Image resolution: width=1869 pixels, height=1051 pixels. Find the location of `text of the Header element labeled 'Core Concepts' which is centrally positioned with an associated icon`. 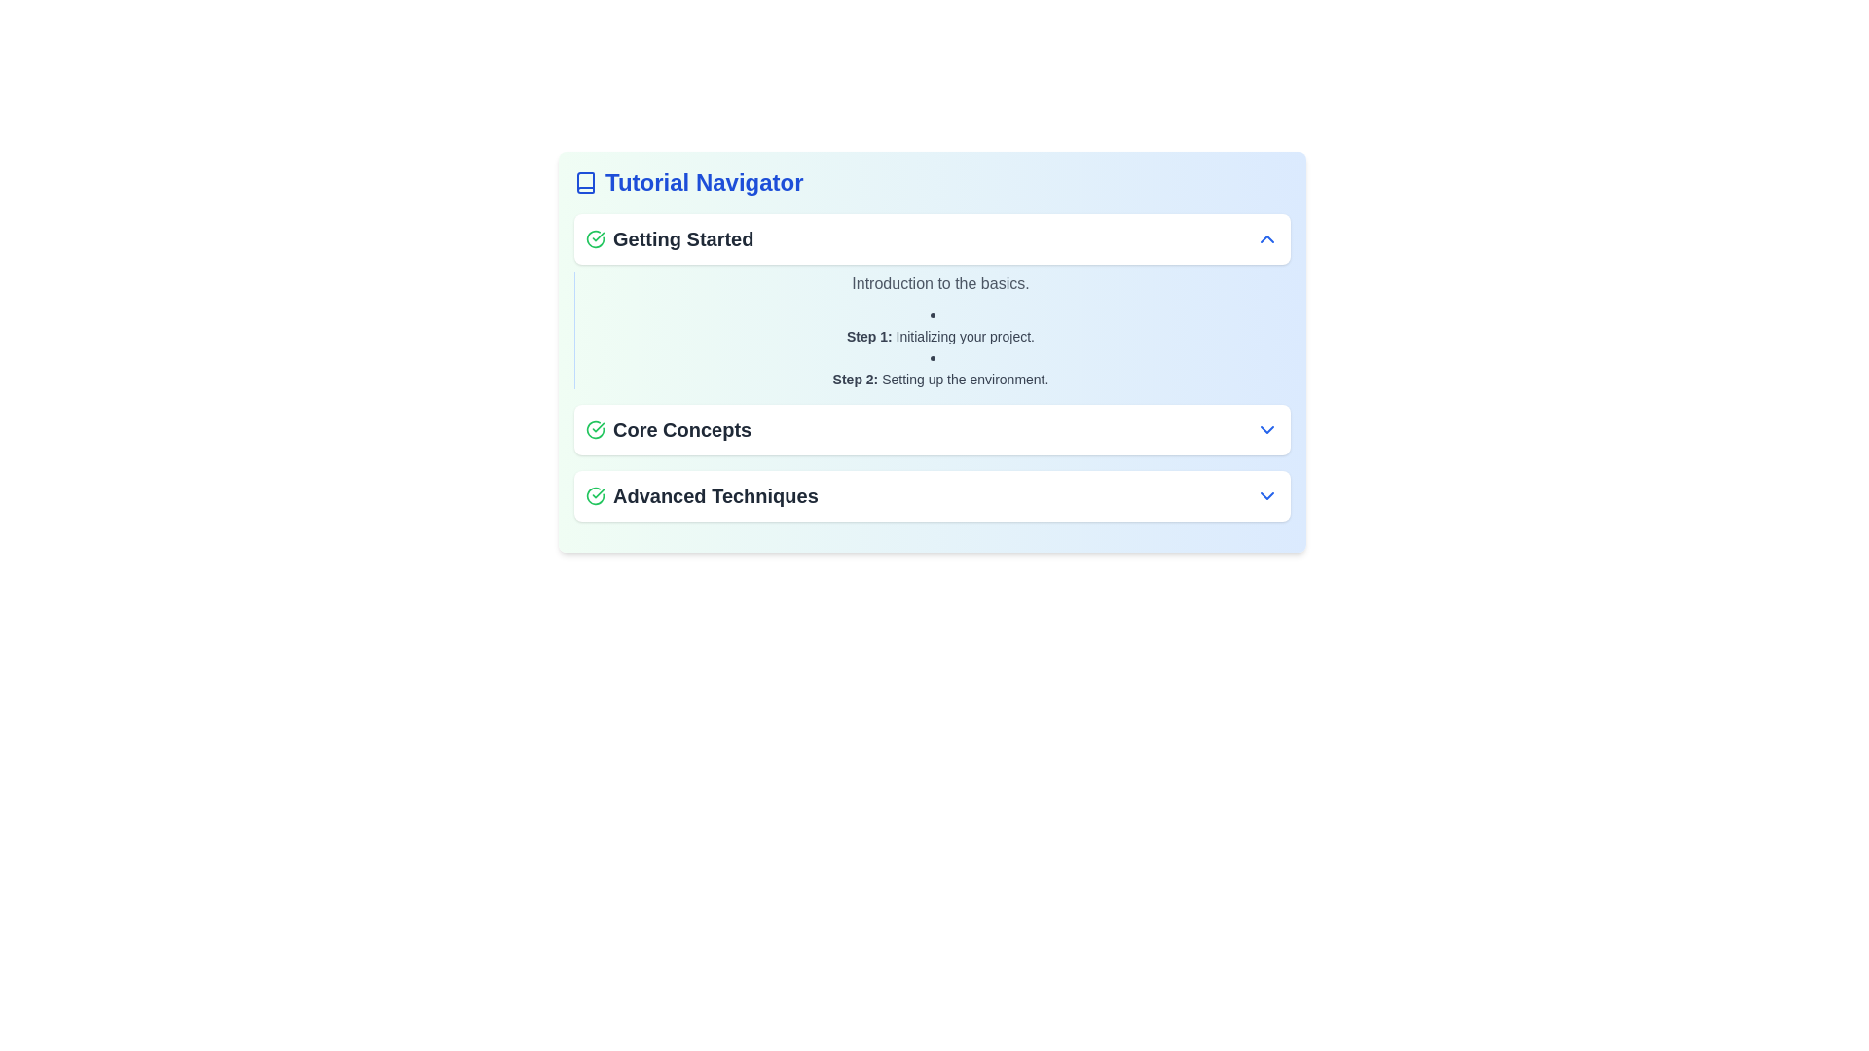

text of the Header element labeled 'Core Concepts' which is centrally positioned with an associated icon is located at coordinates (669, 429).